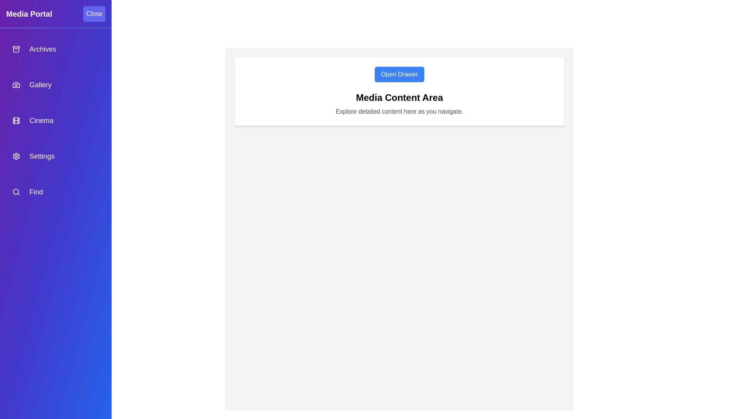 This screenshot has width=744, height=419. I want to click on the navigation item labeled Settings, so click(55, 156).